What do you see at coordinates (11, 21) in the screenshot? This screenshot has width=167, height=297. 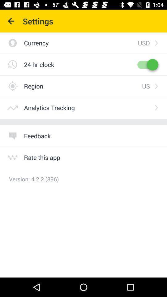 I see `icon next to settings item` at bounding box center [11, 21].